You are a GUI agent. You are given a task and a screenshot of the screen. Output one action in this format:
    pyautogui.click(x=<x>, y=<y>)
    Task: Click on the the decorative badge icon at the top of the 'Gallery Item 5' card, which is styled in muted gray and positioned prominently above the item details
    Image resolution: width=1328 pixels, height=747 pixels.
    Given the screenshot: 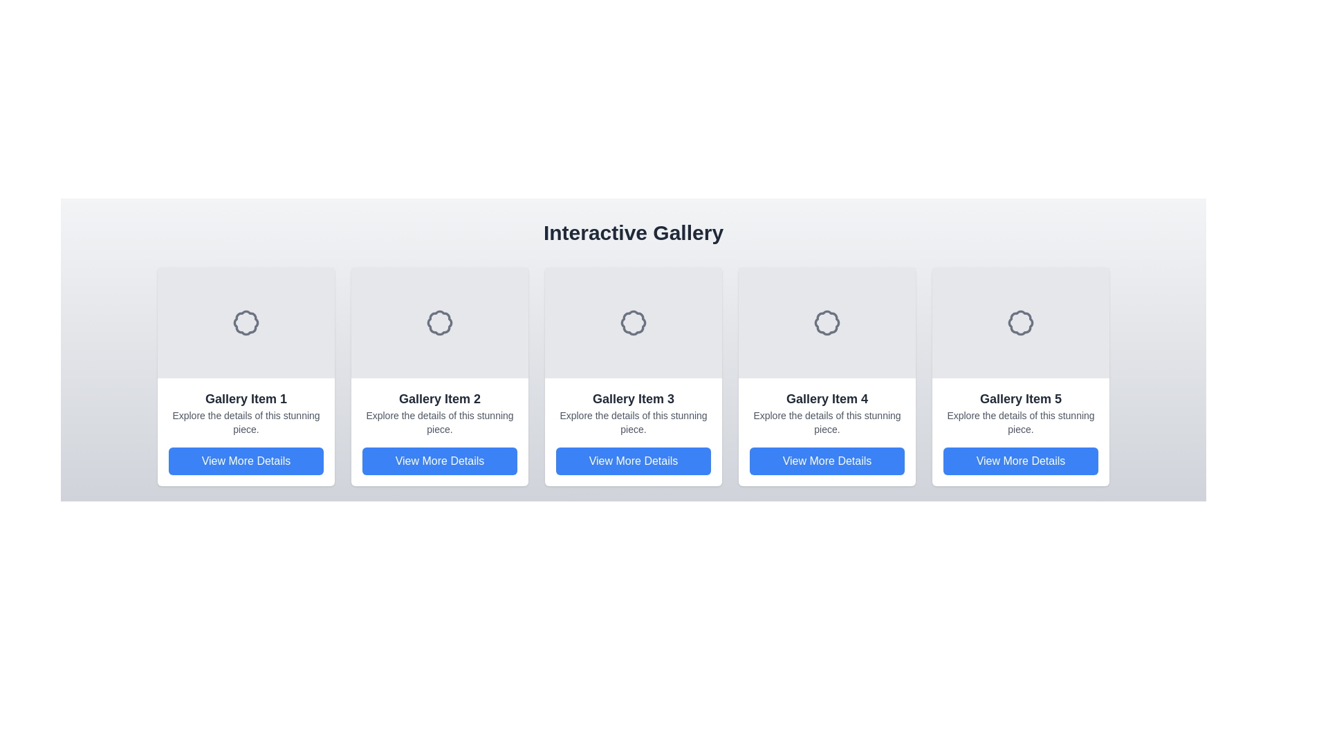 What is the action you would take?
    pyautogui.click(x=1021, y=322)
    